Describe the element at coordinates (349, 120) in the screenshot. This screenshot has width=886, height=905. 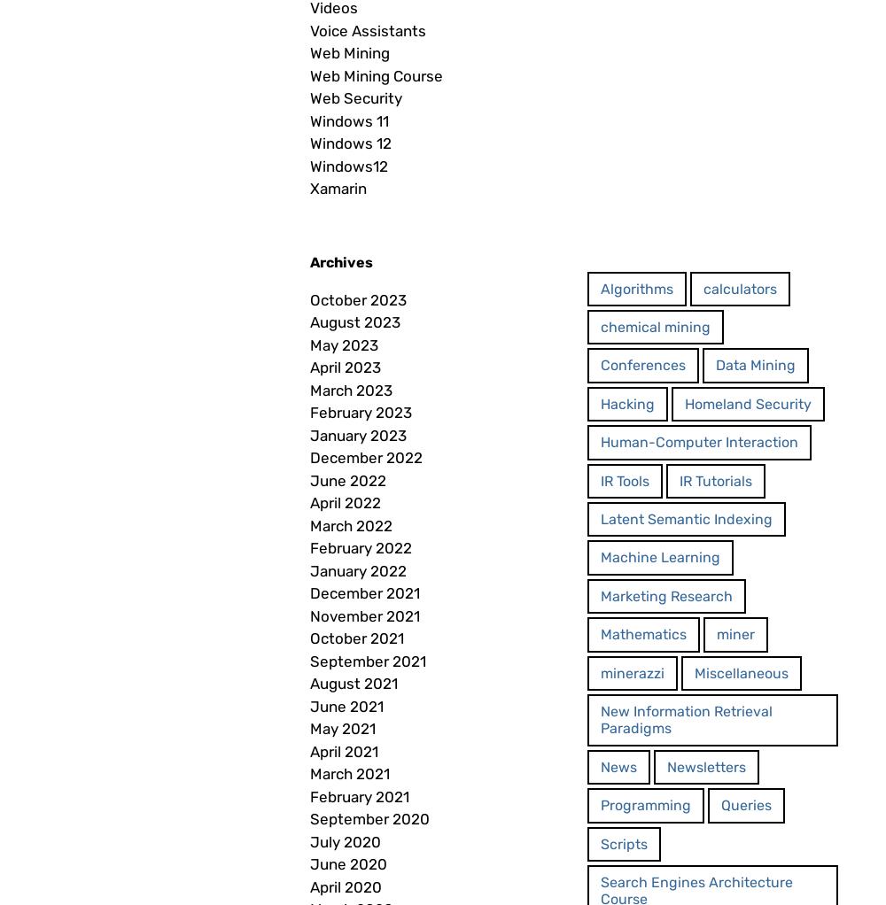
I see `'Windows 11'` at that location.